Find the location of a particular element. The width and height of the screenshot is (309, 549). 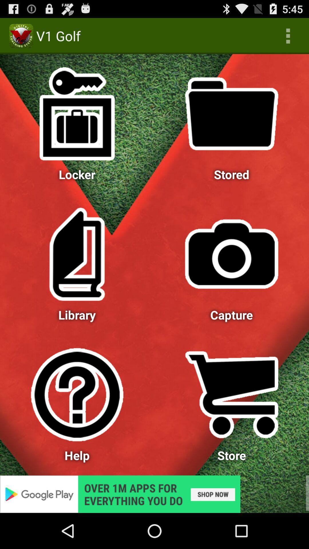

icon below help item is located at coordinates (154, 494).